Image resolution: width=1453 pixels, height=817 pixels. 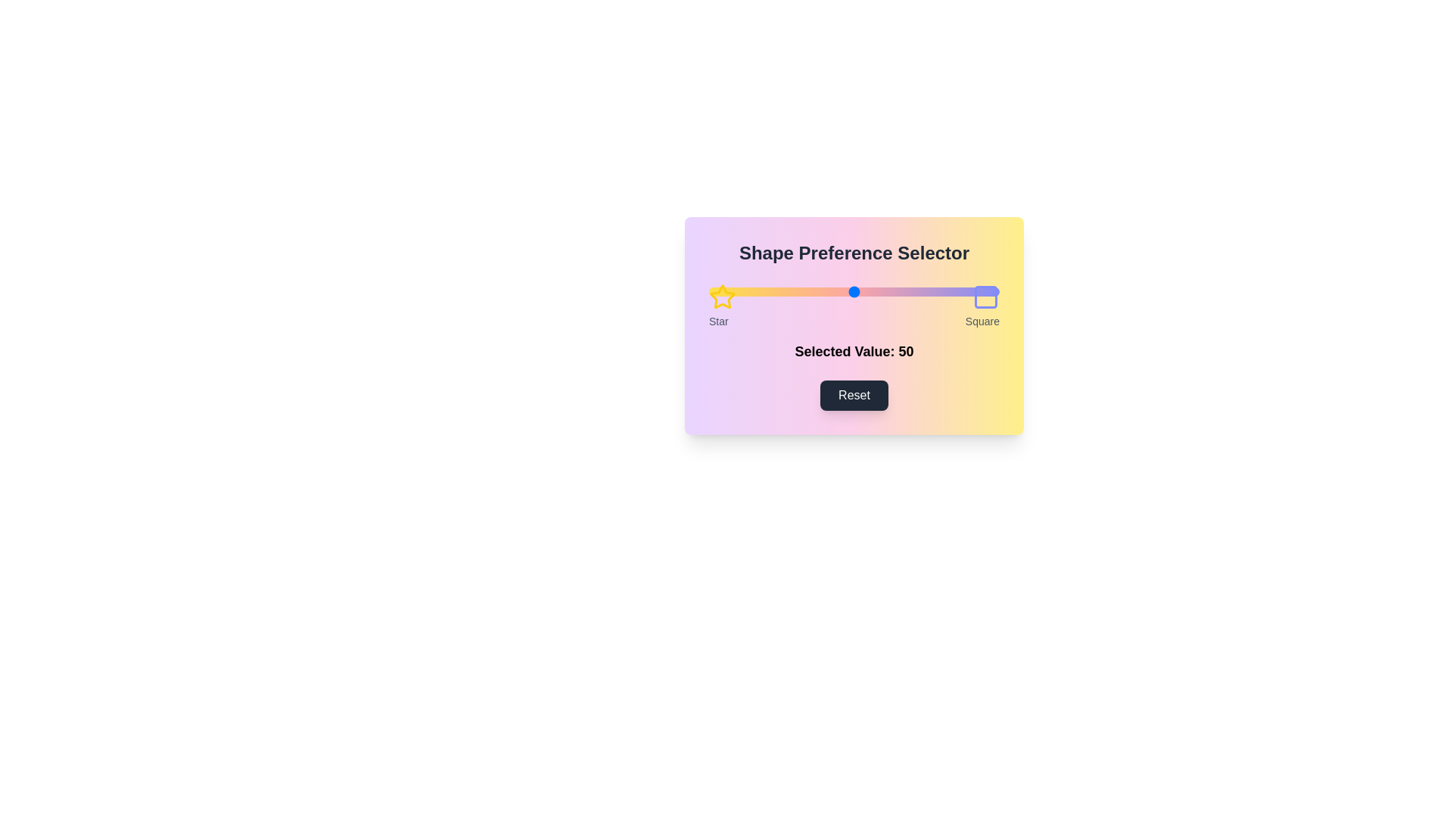 What do you see at coordinates (857, 291) in the screenshot?
I see `the slider to set the preference value to 51` at bounding box center [857, 291].